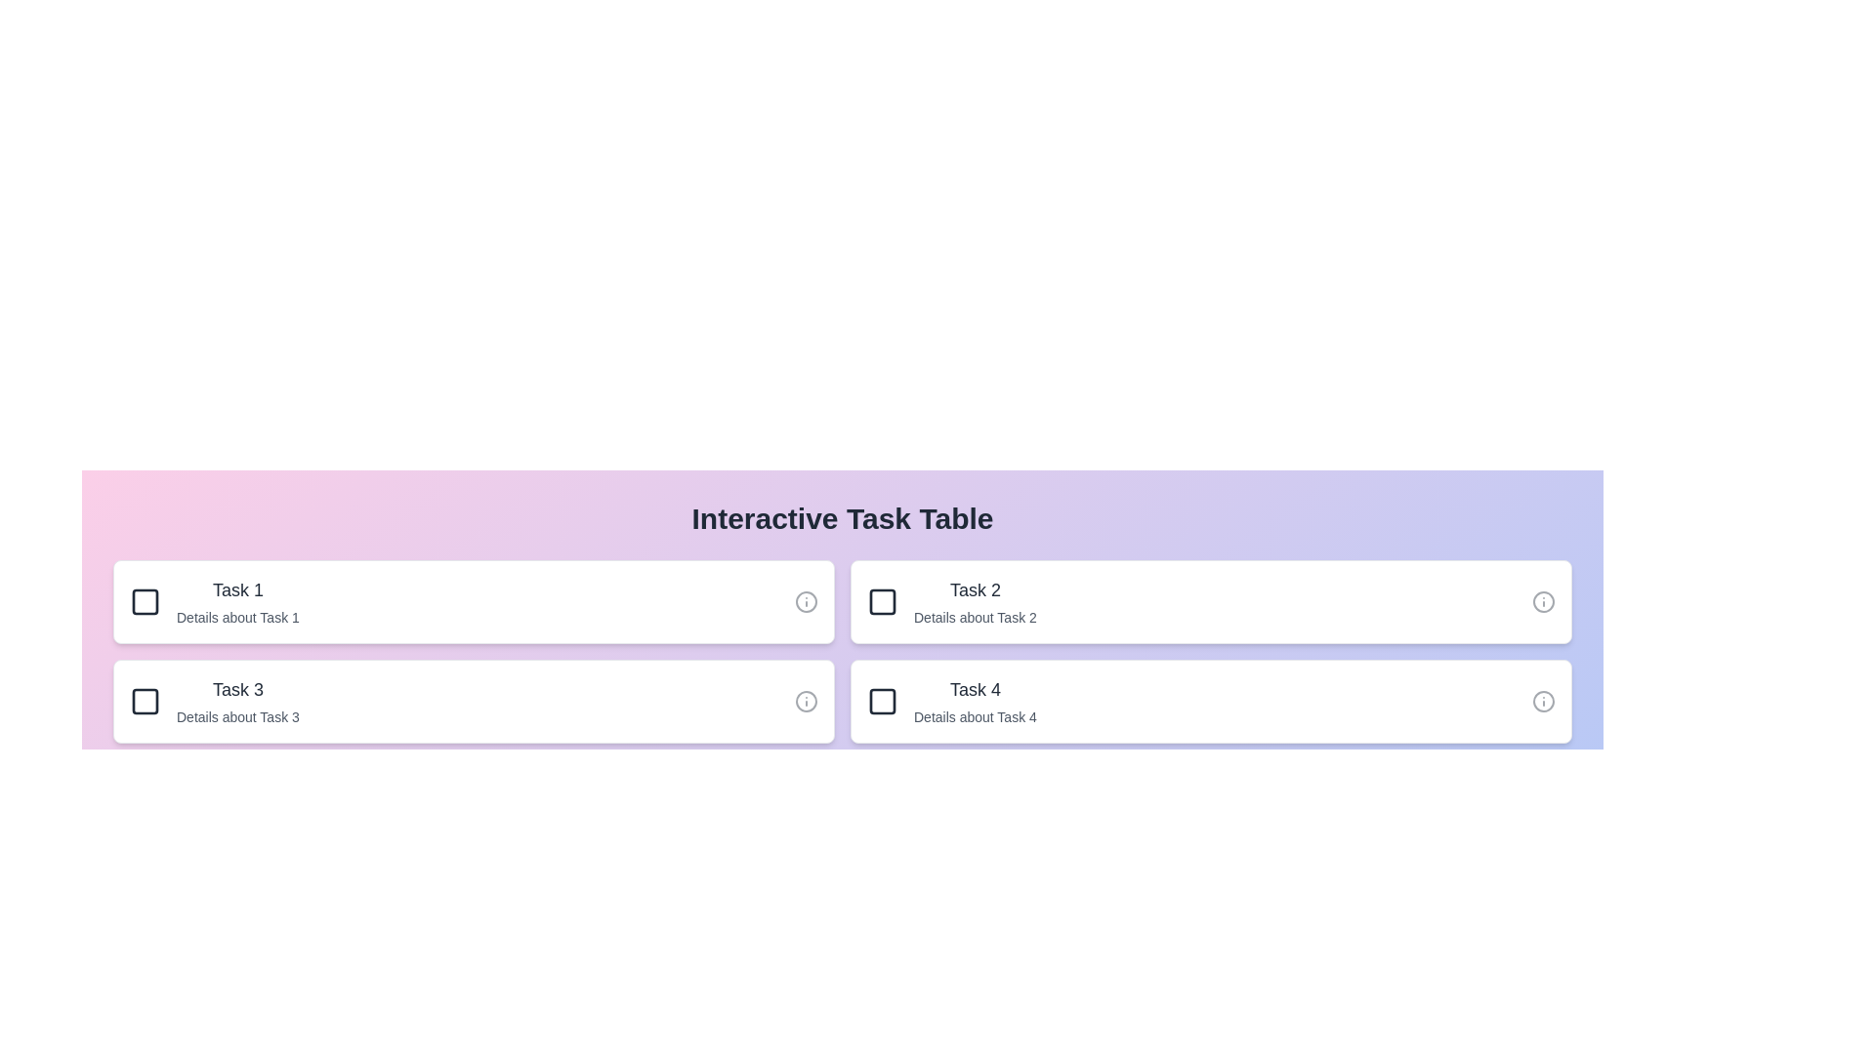 This screenshot has height=1054, width=1875. What do you see at coordinates (806, 700) in the screenshot?
I see `the information icon for task 3 to view its details` at bounding box center [806, 700].